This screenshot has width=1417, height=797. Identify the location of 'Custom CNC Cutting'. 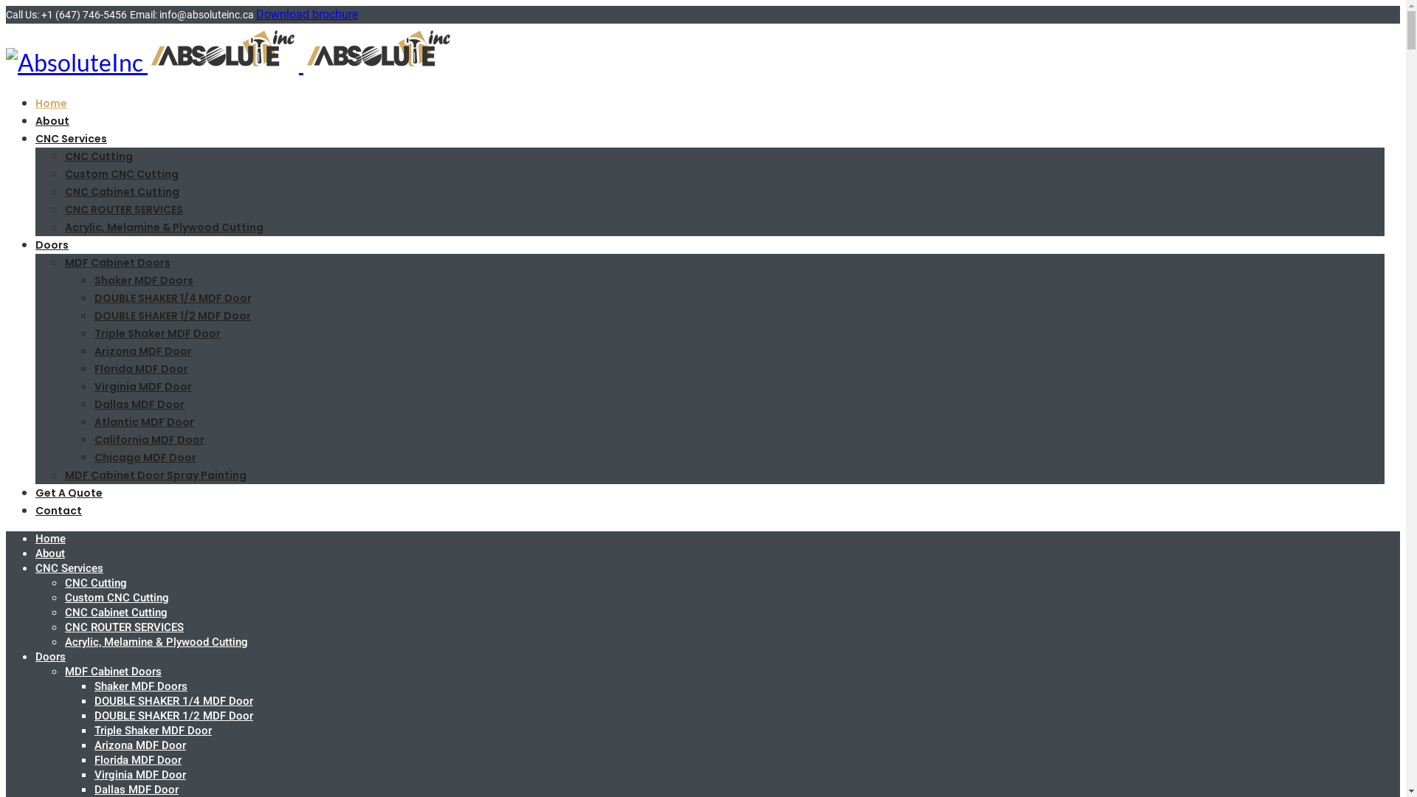
(121, 173).